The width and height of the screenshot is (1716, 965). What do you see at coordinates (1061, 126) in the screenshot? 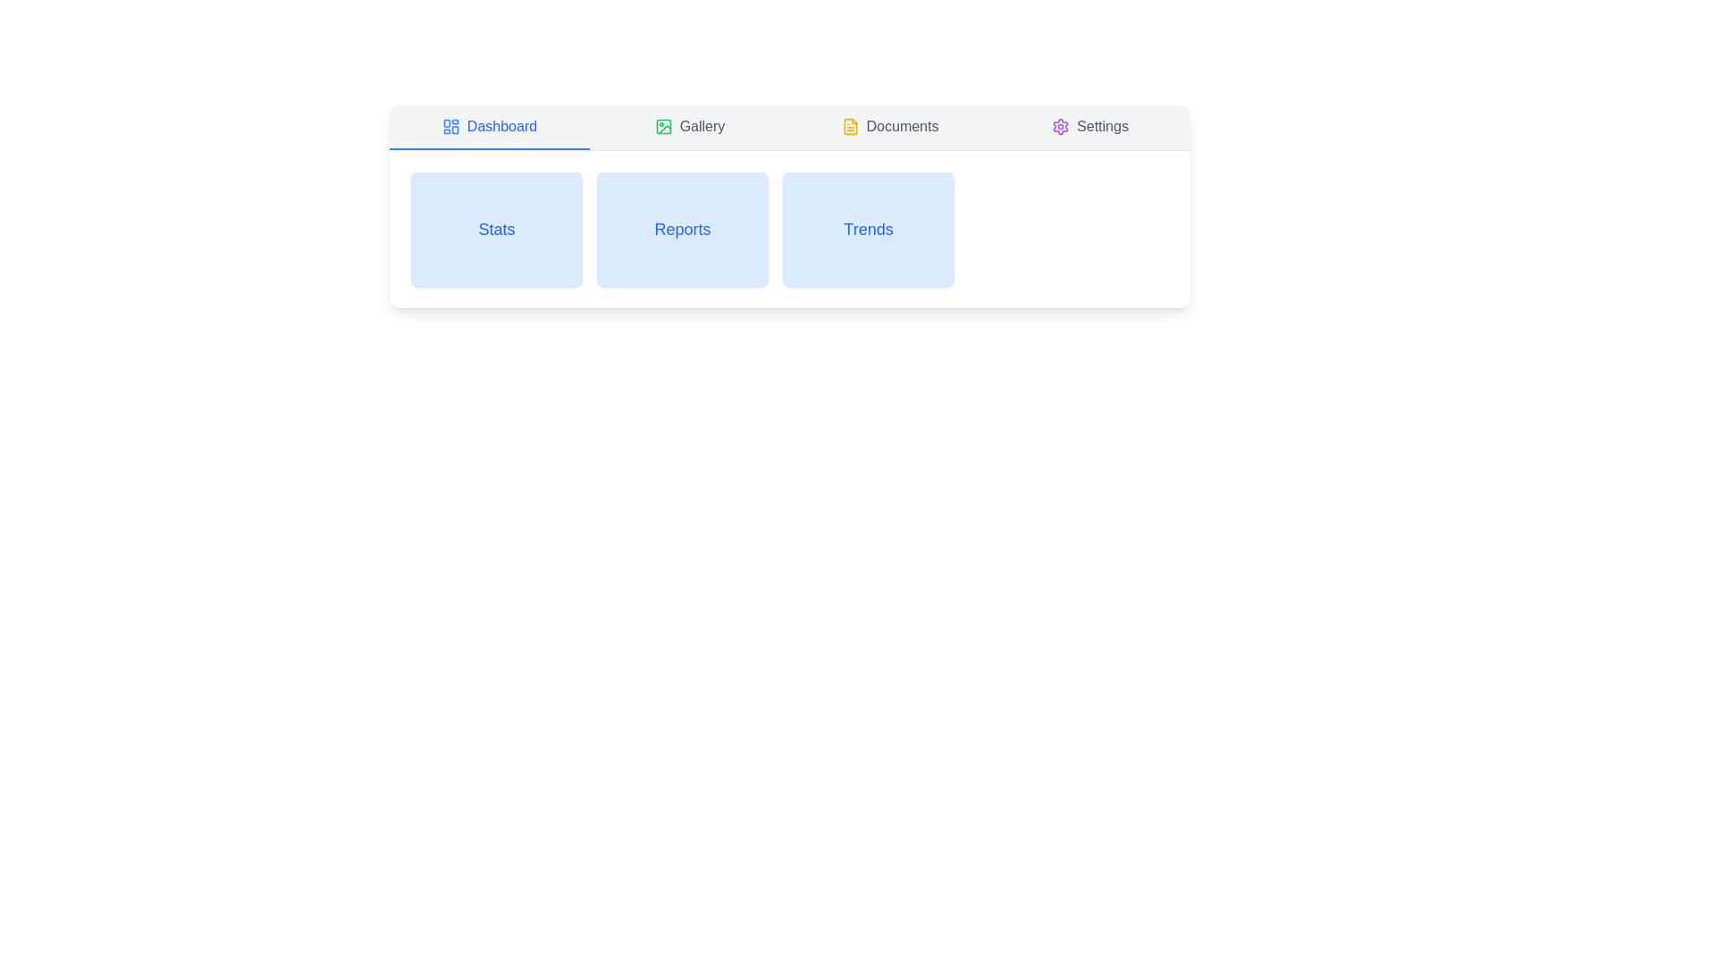
I see `the cogwheel-shaped settings icon located` at bounding box center [1061, 126].